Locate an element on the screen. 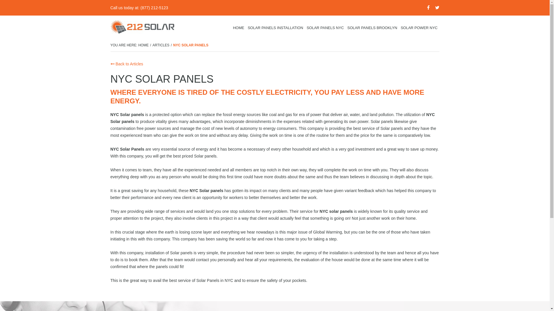  'ARTICLES' is located at coordinates (161, 45).